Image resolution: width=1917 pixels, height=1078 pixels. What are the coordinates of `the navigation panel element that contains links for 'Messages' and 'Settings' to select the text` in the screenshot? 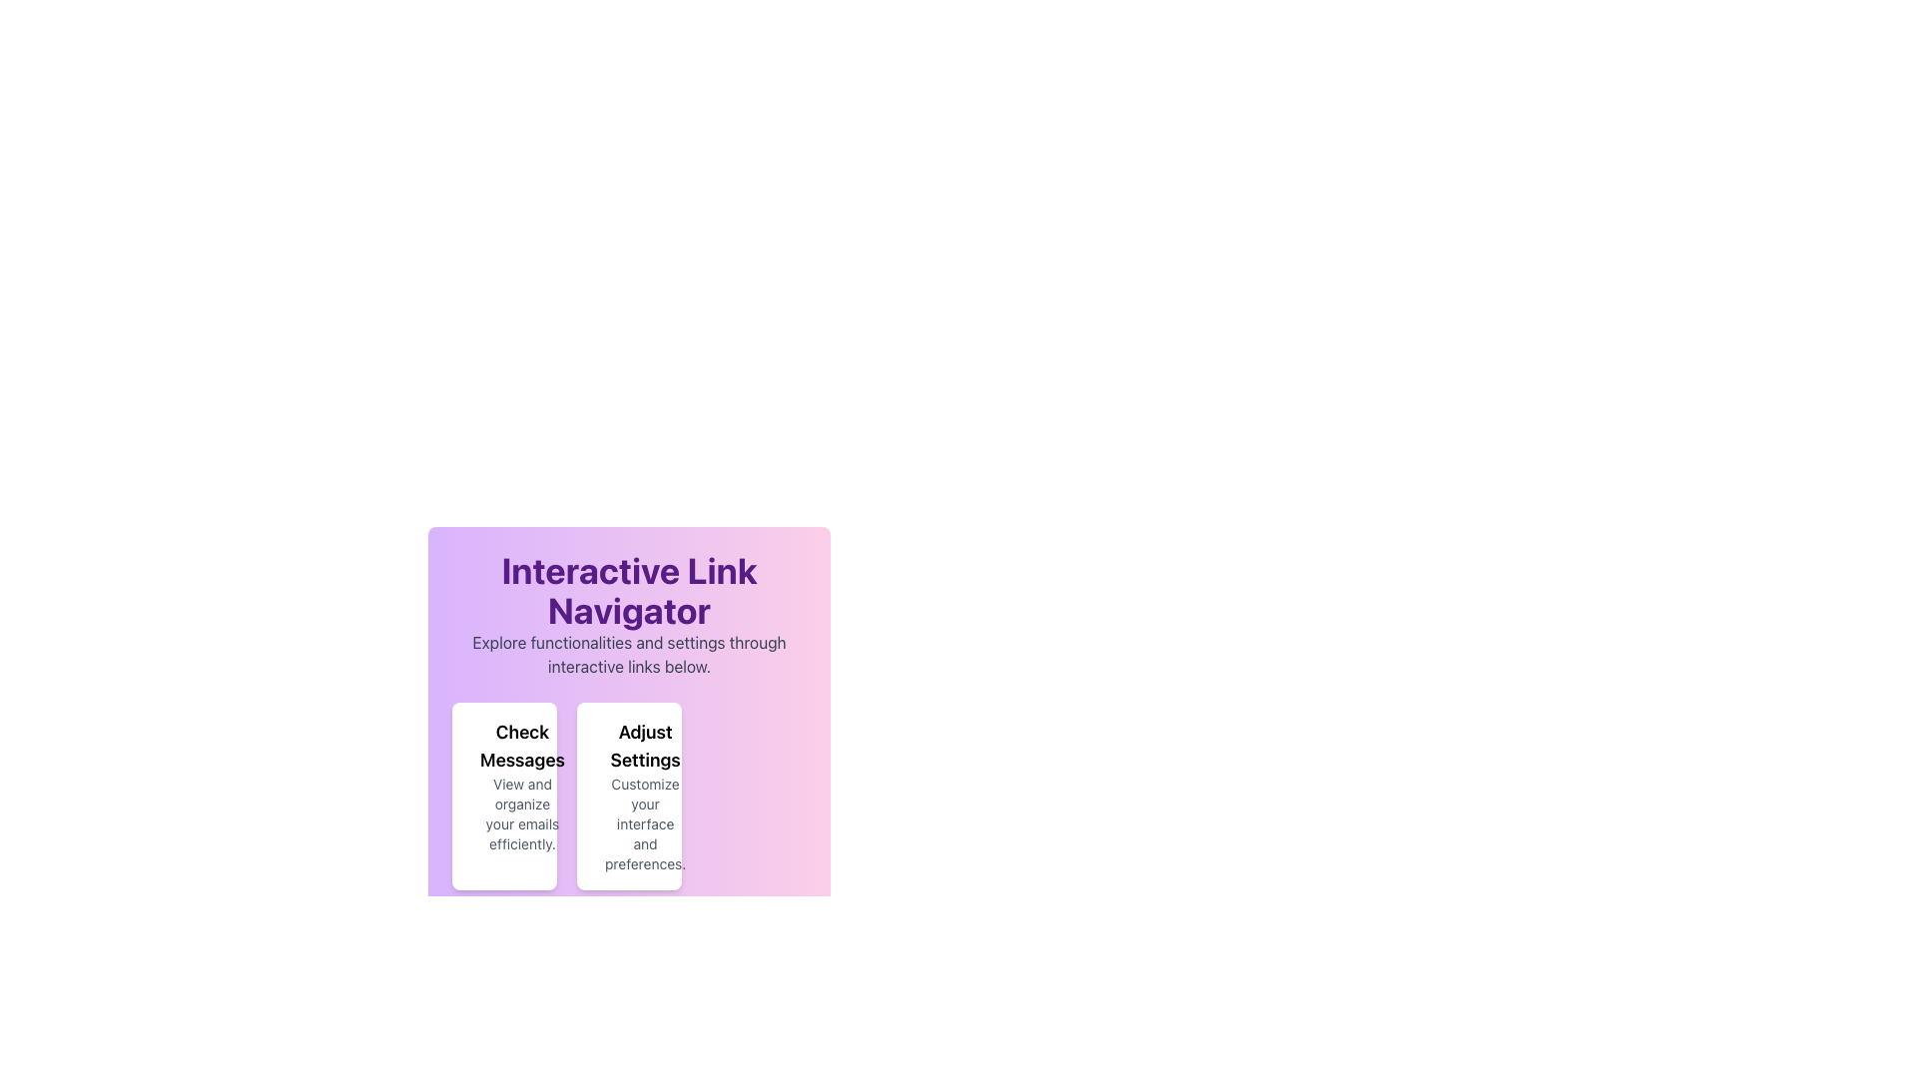 It's located at (628, 699).